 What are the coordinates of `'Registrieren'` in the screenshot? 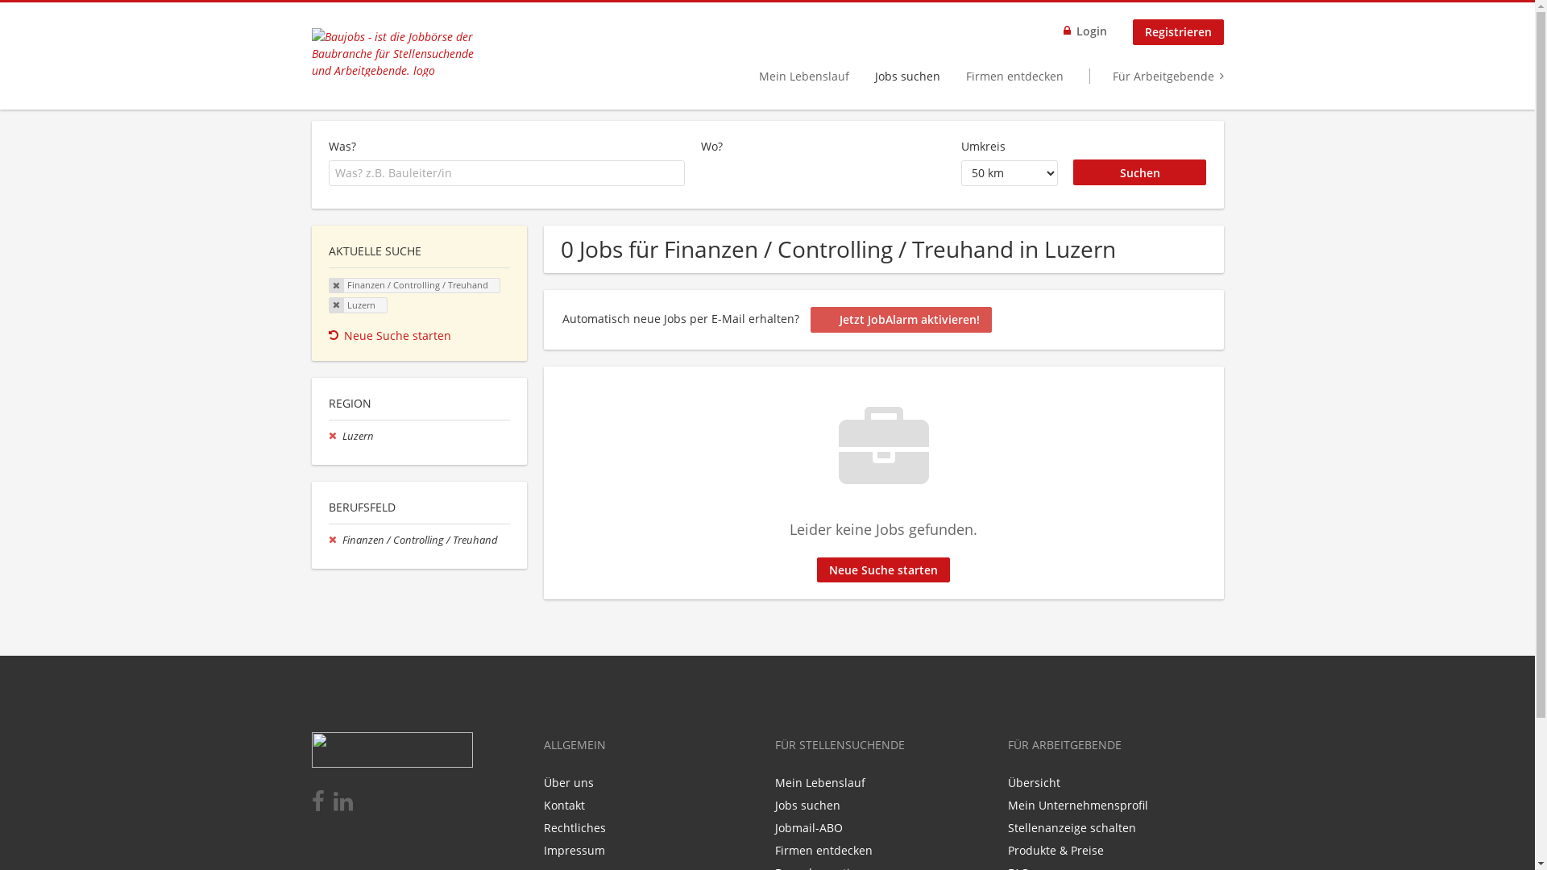 It's located at (1178, 31).